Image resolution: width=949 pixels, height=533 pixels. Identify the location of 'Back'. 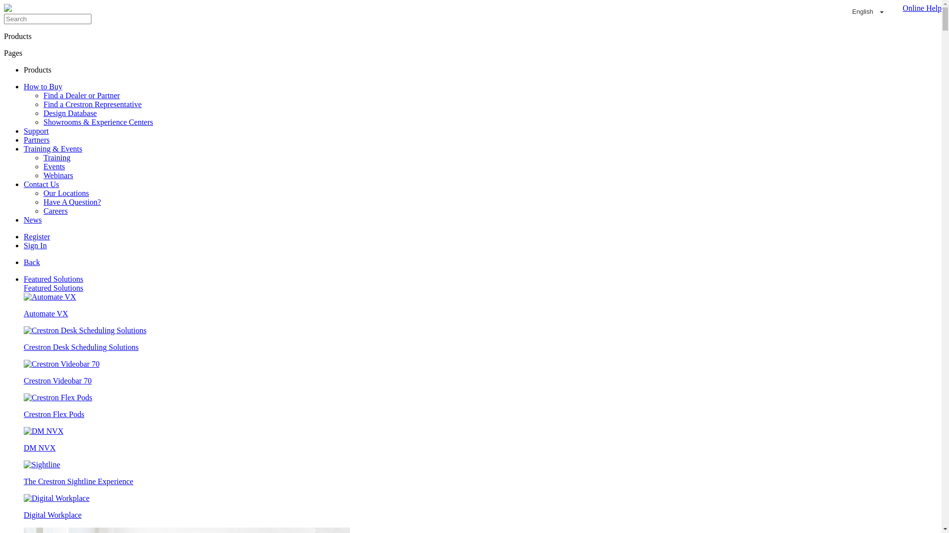
(32, 262).